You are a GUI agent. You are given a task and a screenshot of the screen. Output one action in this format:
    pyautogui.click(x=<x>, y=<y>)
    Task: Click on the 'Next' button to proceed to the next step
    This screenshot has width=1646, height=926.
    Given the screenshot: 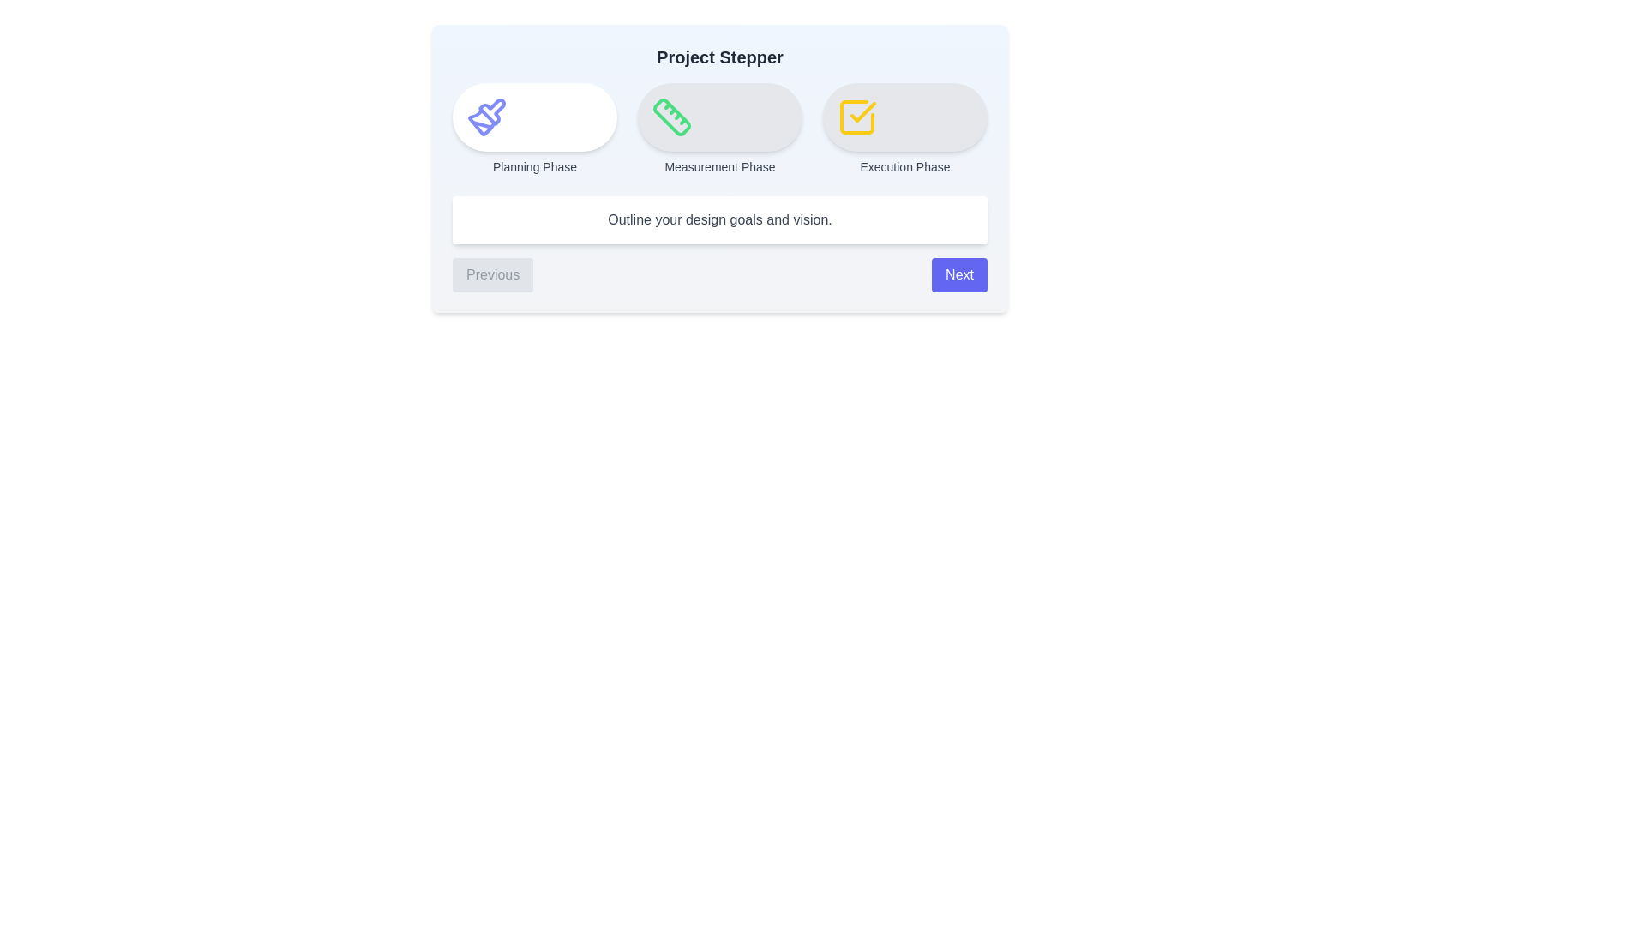 What is the action you would take?
    pyautogui.click(x=958, y=274)
    